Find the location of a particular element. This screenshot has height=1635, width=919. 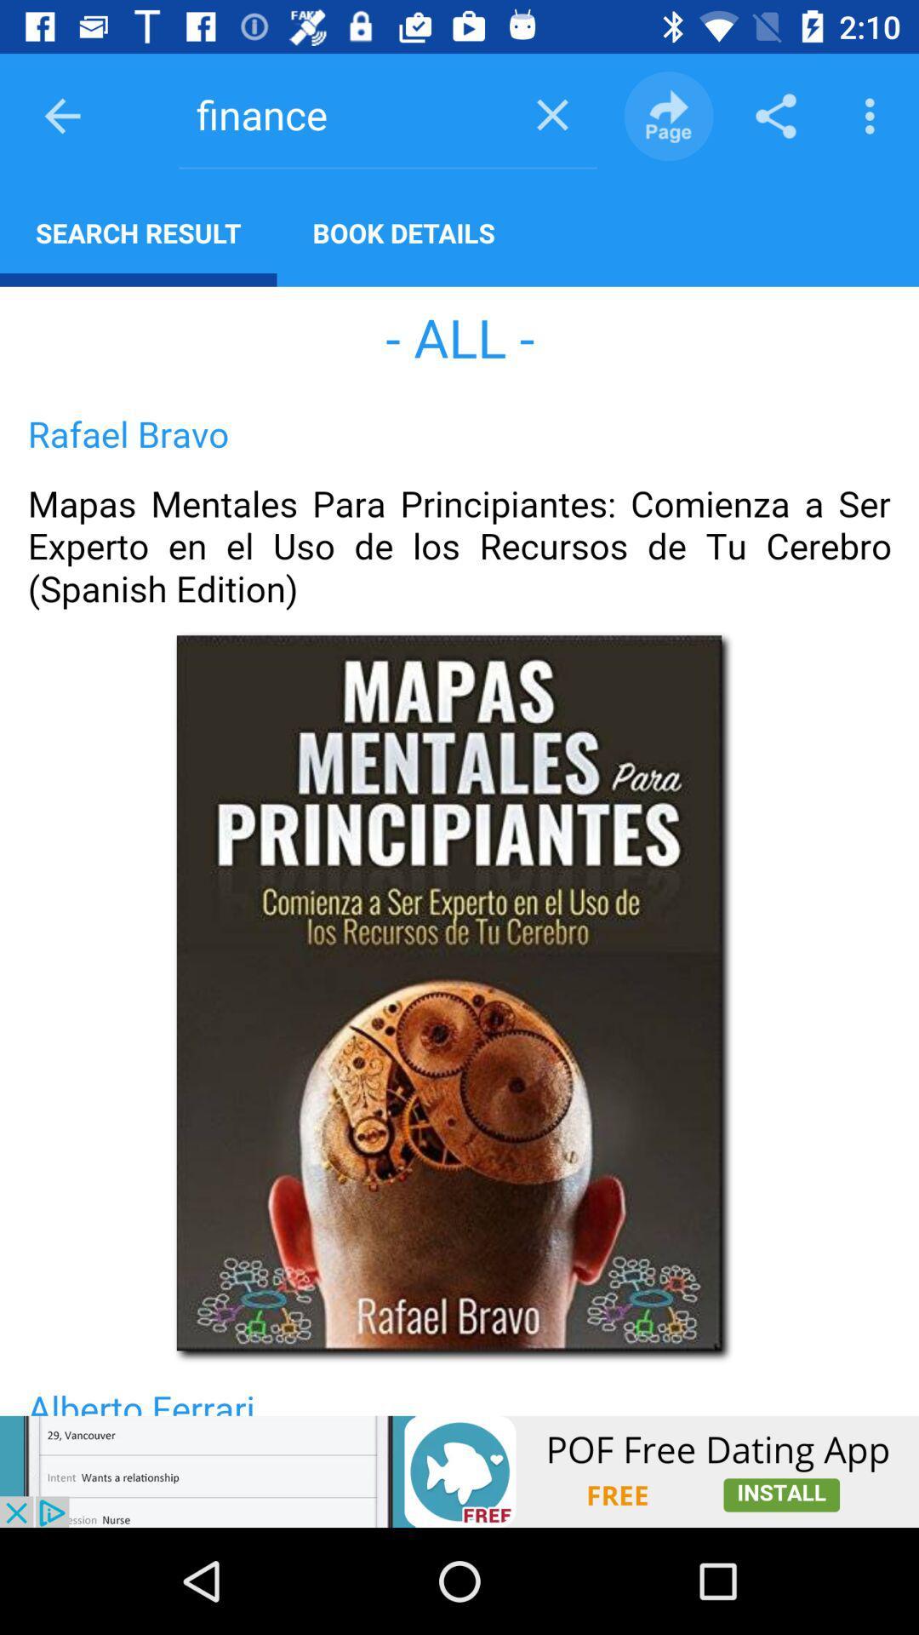

the close icon is located at coordinates (552, 113).